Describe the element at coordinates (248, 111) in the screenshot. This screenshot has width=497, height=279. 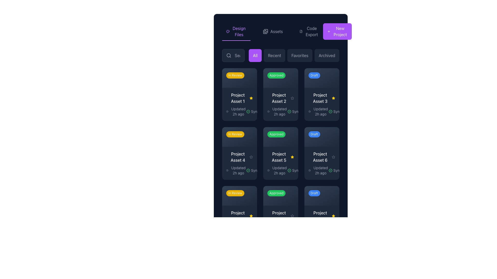
I see `the small circular green checkmark icon located to the left of the text 'Synced' in the 'Project Asset 1' card` at that location.